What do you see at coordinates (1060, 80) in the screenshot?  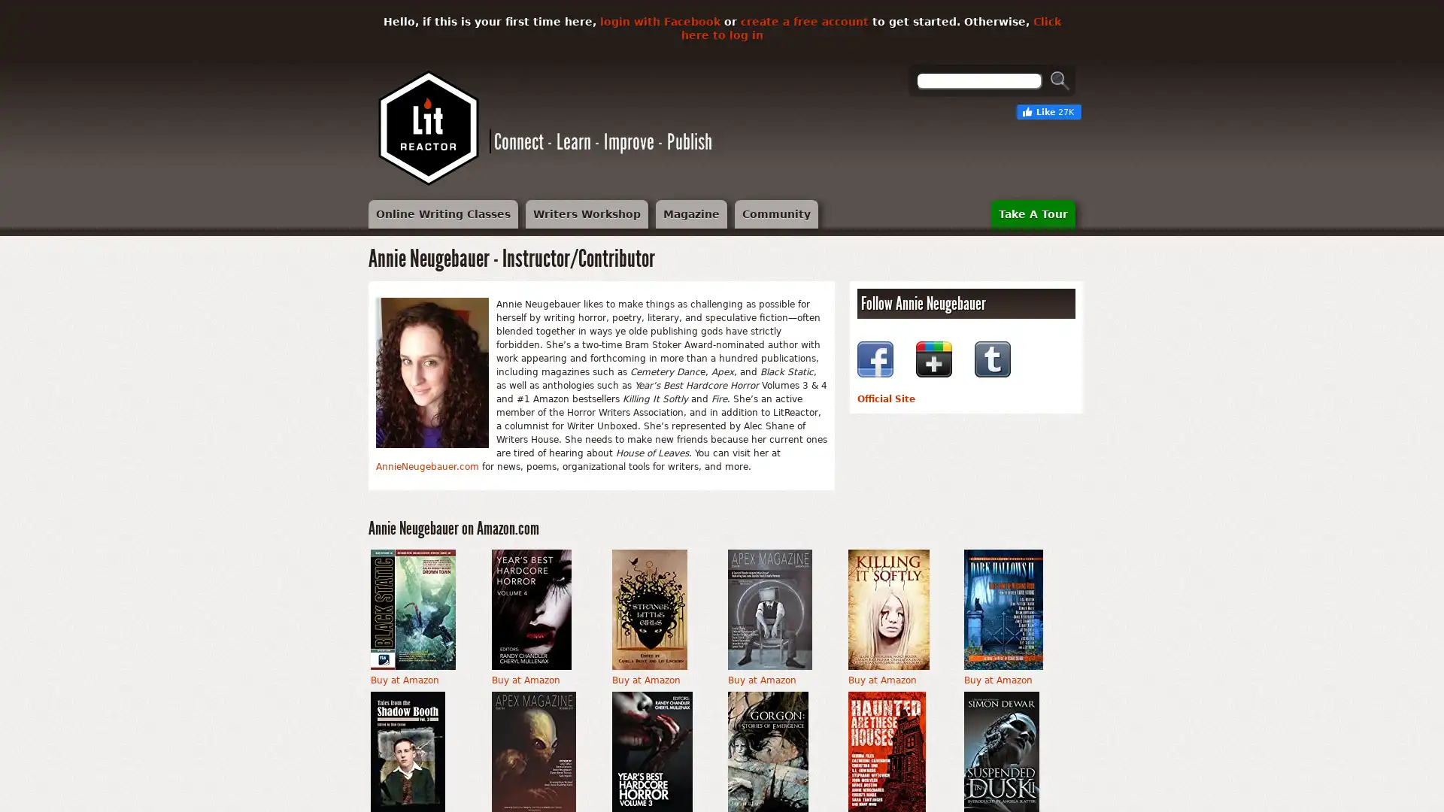 I see `Search` at bounding box center [1060, 80].